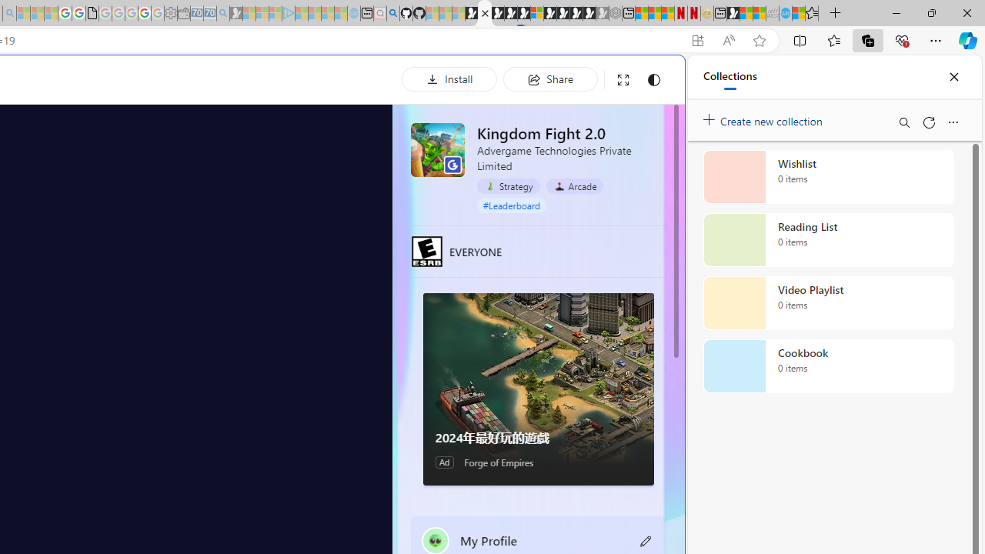  I want to click on 'Frequently visited', so click(321, 204).